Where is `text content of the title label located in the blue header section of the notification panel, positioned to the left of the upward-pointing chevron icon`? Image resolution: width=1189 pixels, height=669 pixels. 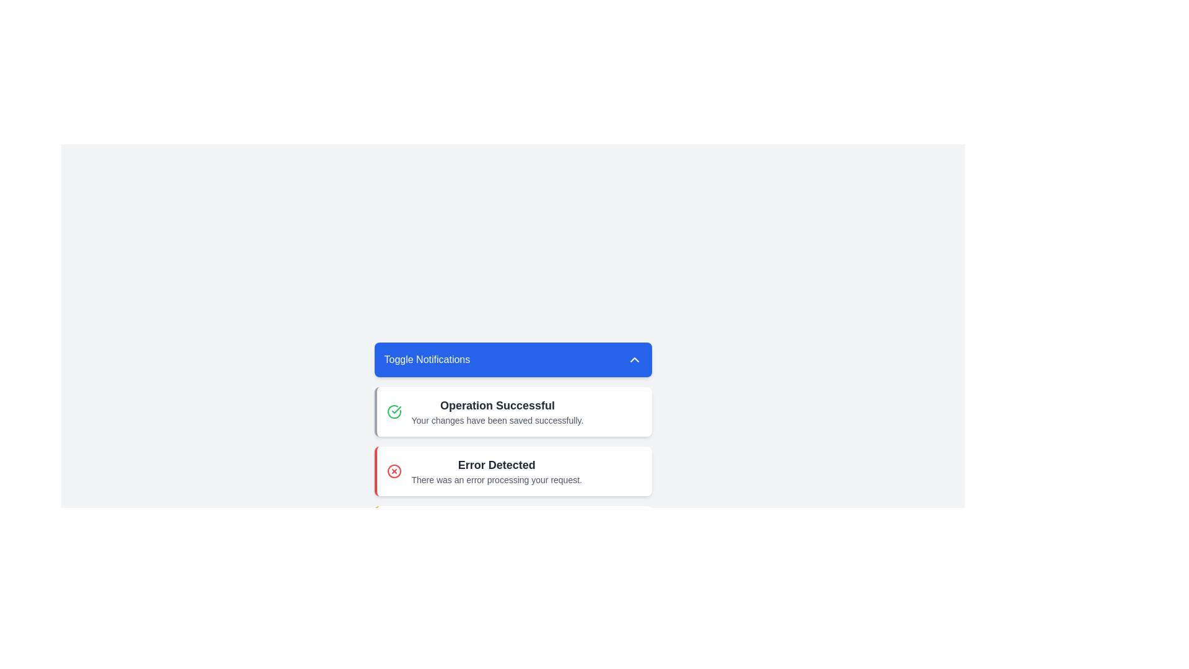
text content of the title label located in the blue header section of the notification panel, positioned to the left of the upward-pointing chevron icon is located at coordinates (427, 360).